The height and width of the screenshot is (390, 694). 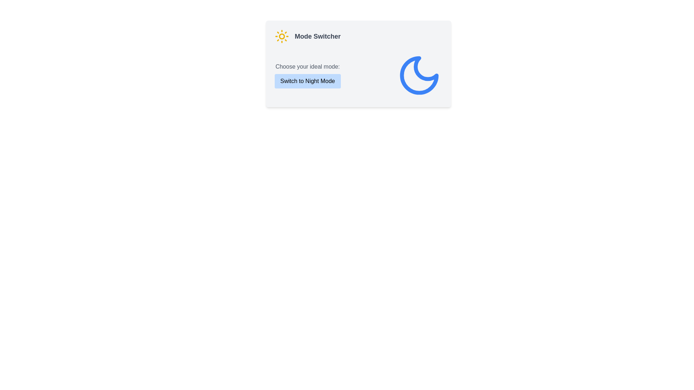 What do you see at coordinates (419, 75) in the screenshot?
I see `the 'Night Mode' icon located in the 'Mode Switcher' section, positioned on the right side next to the 'Switch to Night Mode' button` at bounding box center [419, 75].